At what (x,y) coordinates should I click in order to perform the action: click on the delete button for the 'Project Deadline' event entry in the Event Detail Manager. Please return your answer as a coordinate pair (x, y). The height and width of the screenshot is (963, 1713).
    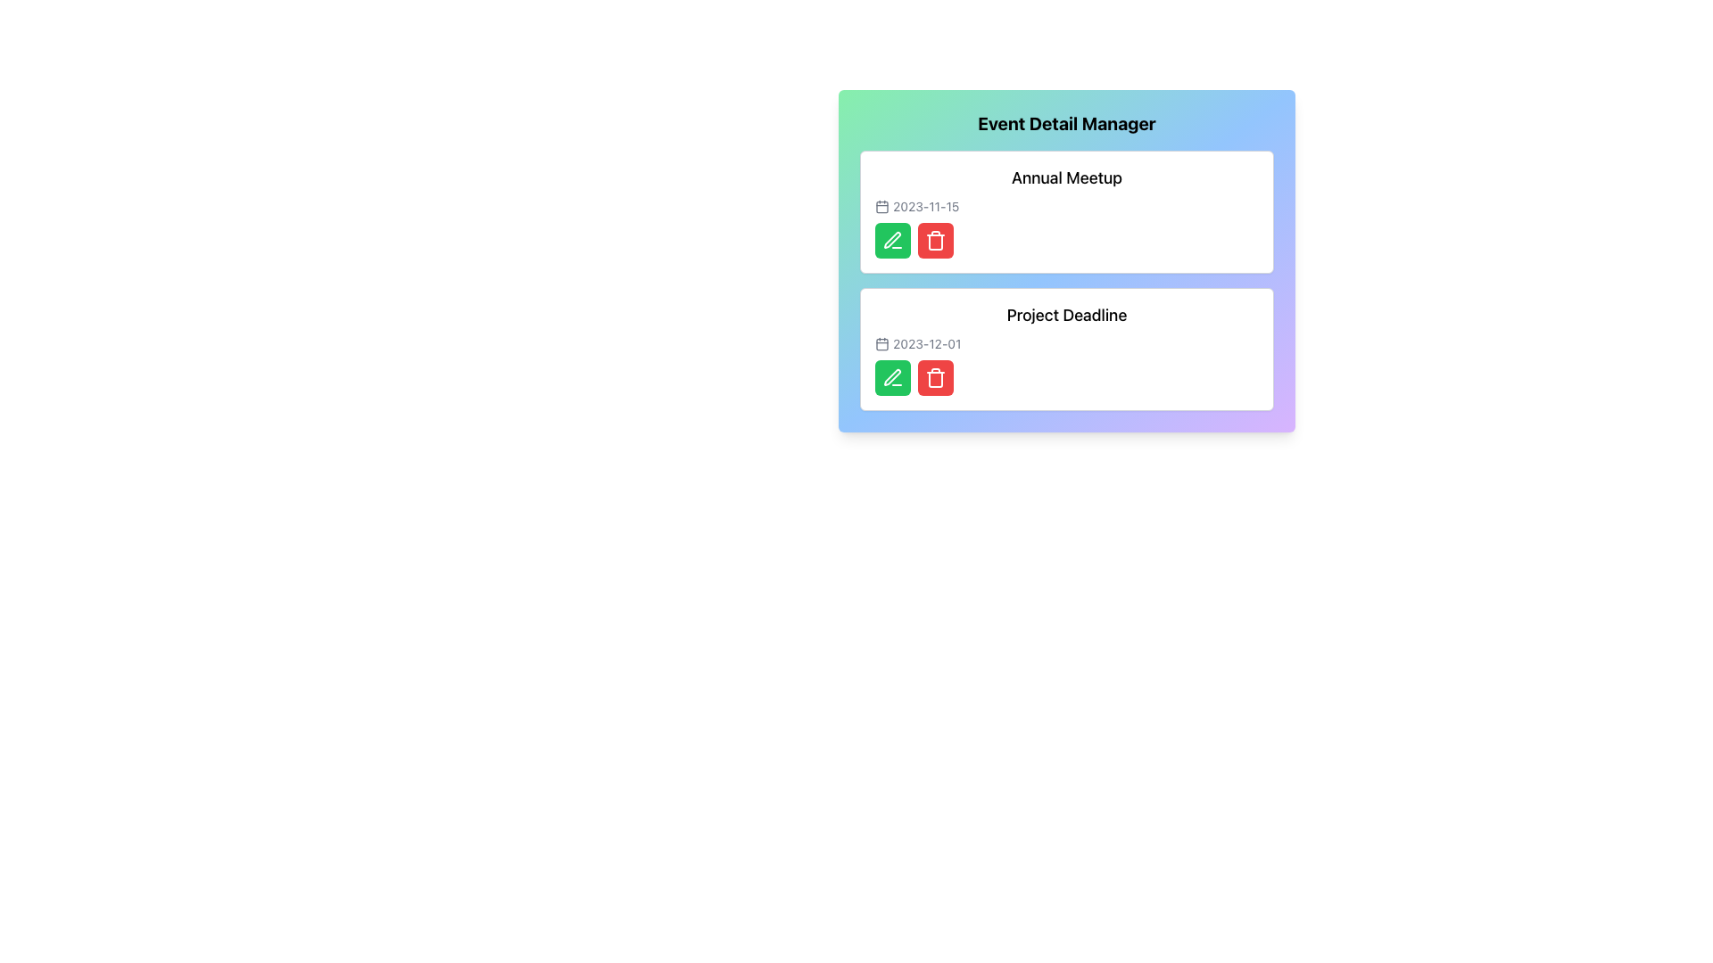
    Looking at the image, I should click on (935, 377).